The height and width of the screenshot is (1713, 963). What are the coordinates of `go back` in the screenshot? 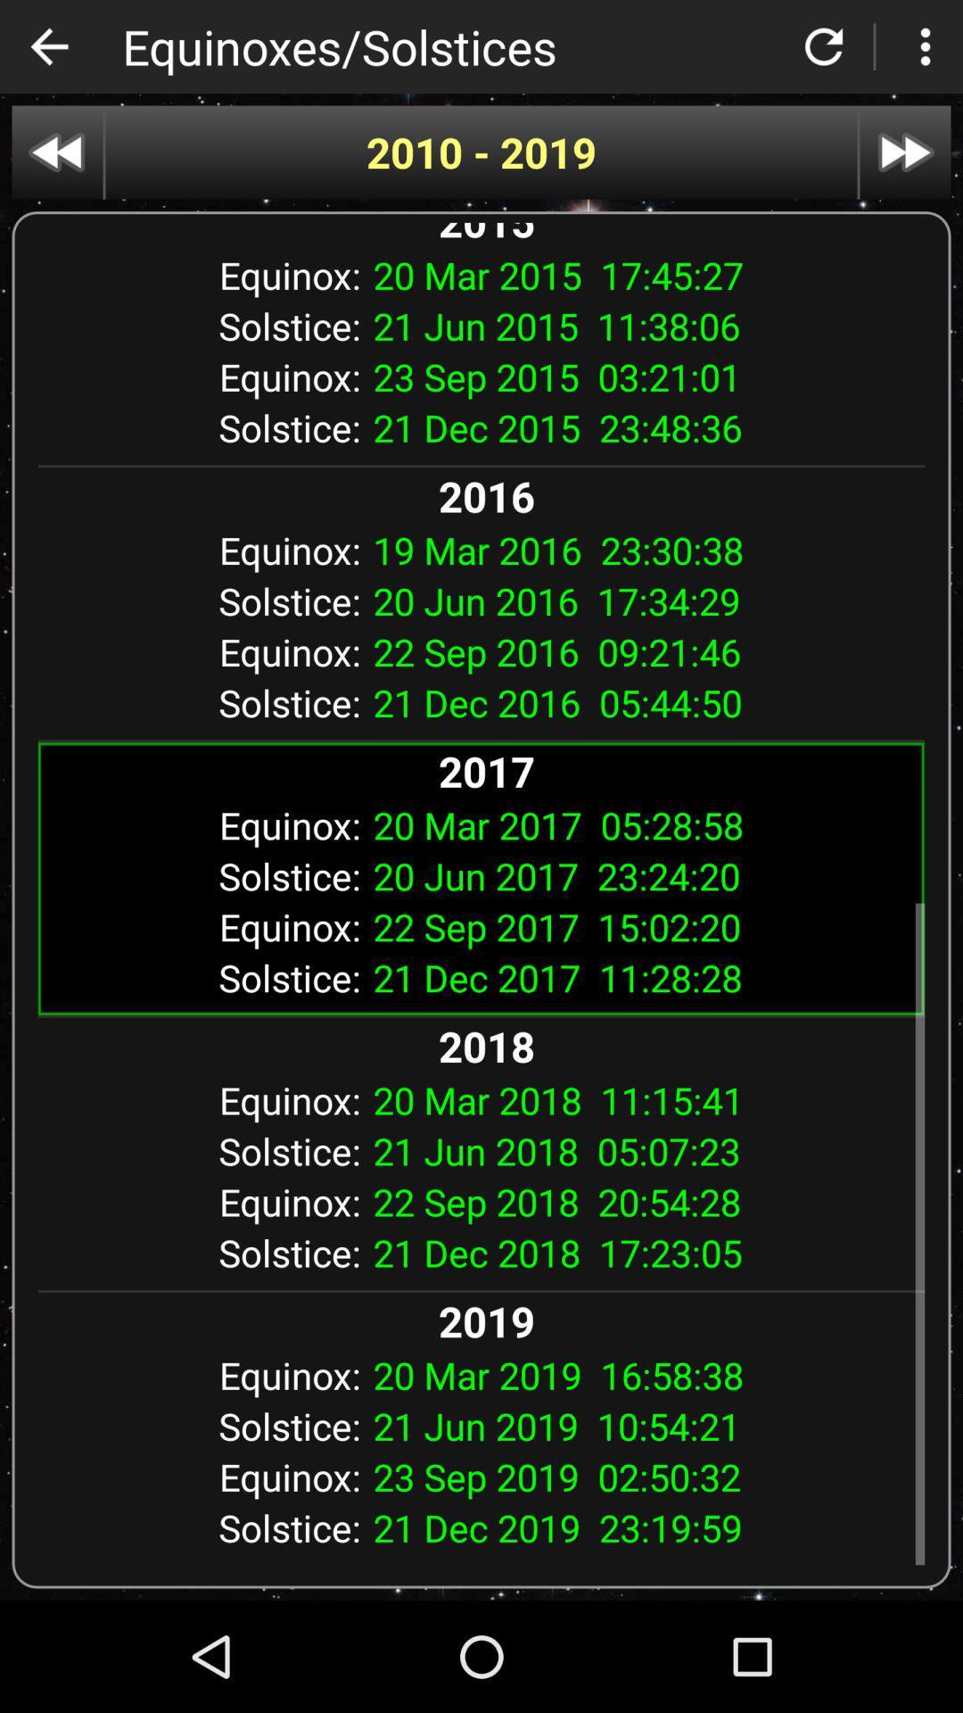 It's located at (56, 153).